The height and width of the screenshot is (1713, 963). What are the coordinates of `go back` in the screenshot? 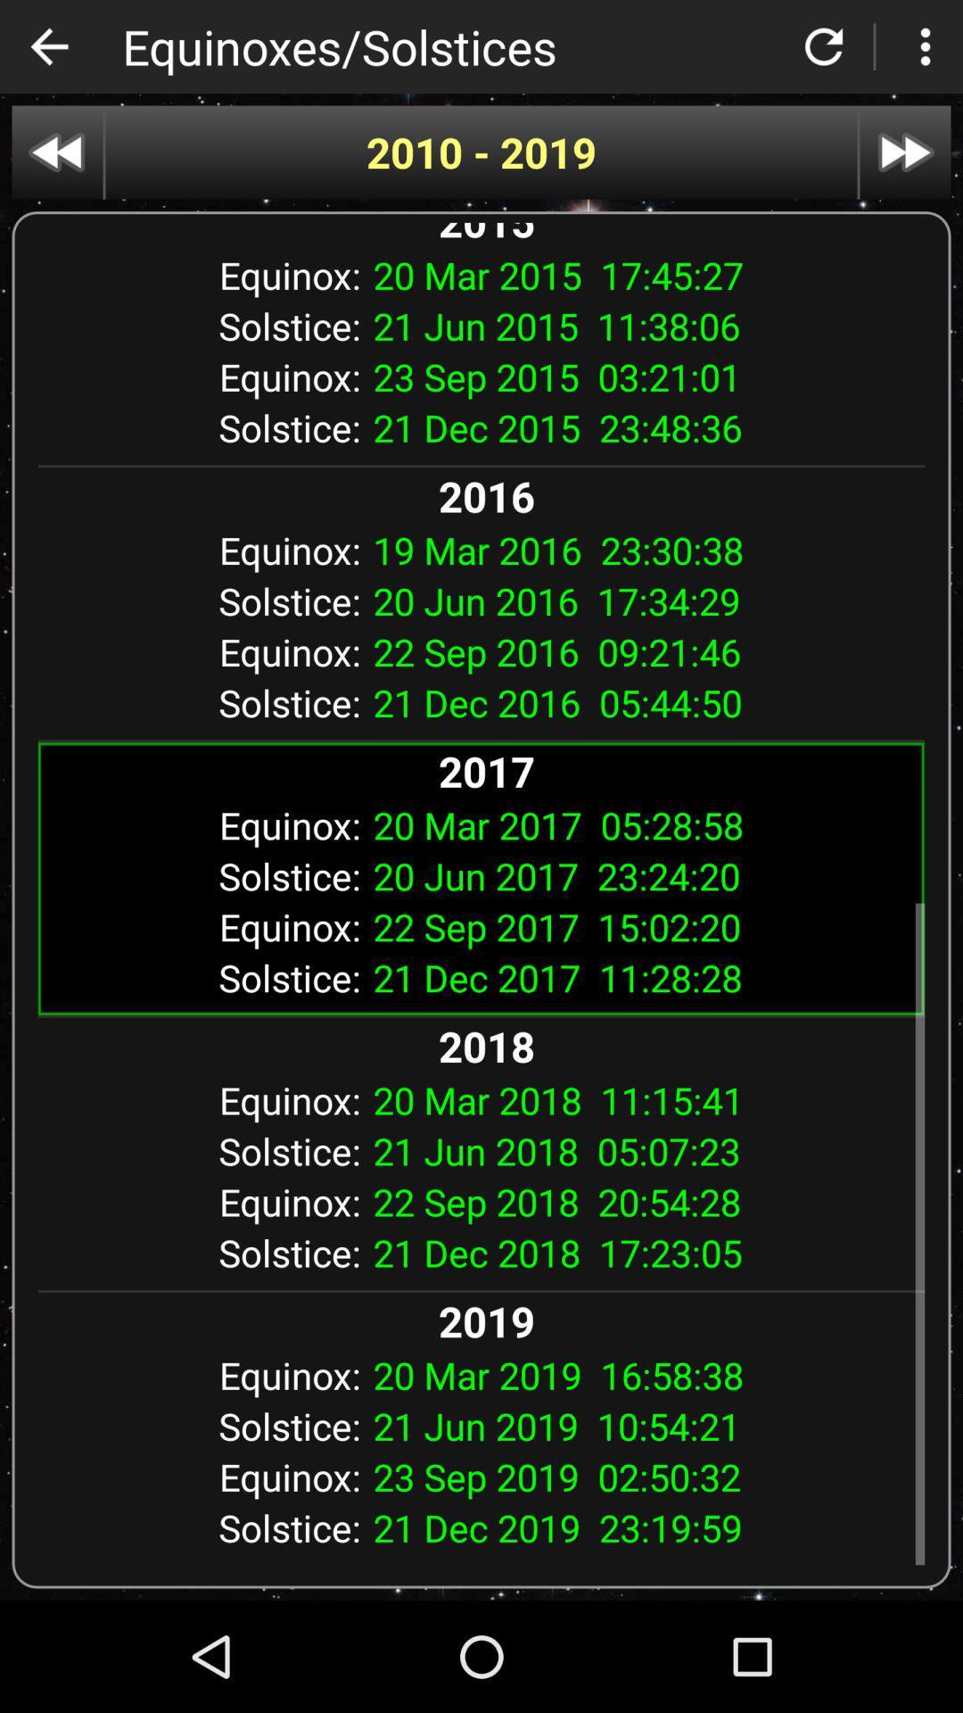 It's located at (56, 153).